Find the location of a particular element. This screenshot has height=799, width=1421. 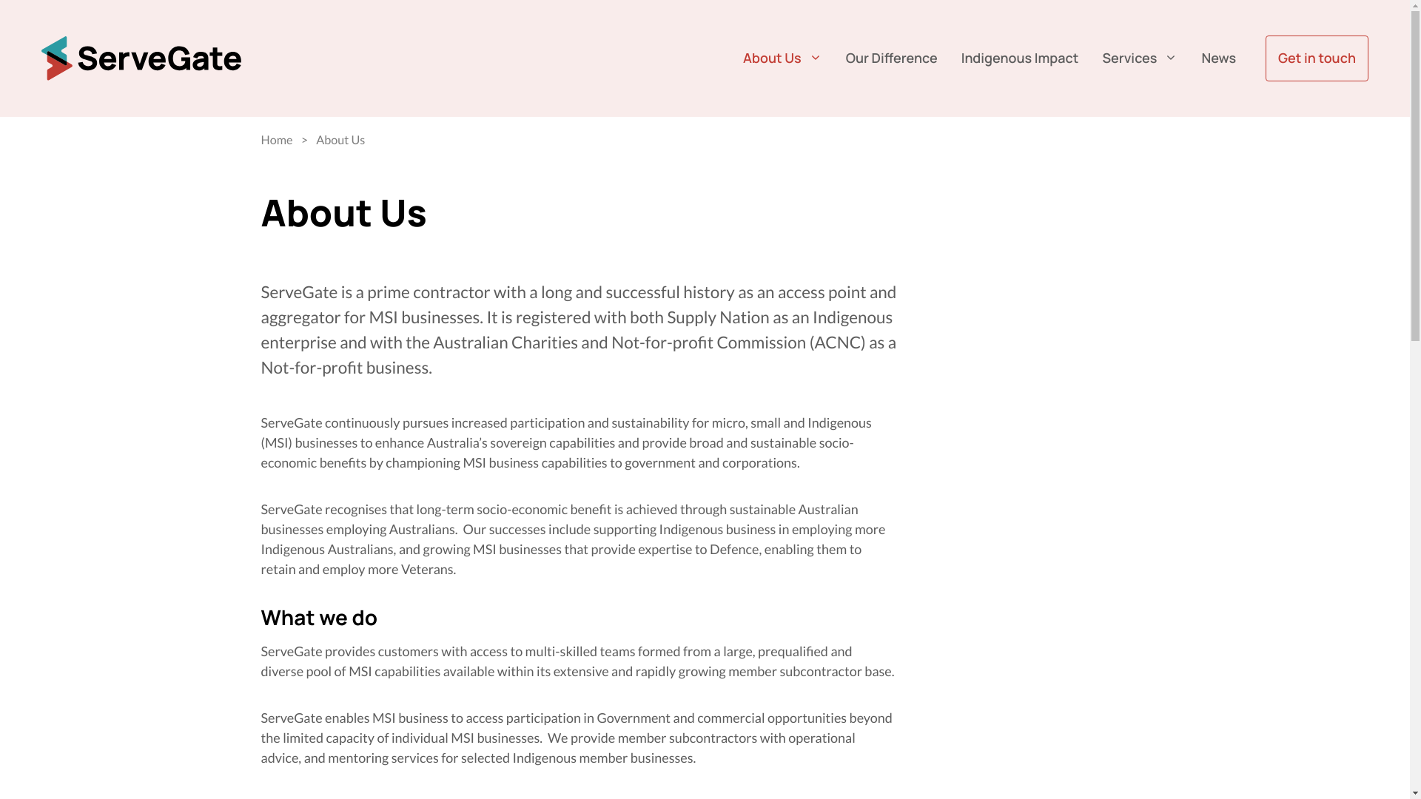

'ServeGate' is located at coordinates (141, 56).